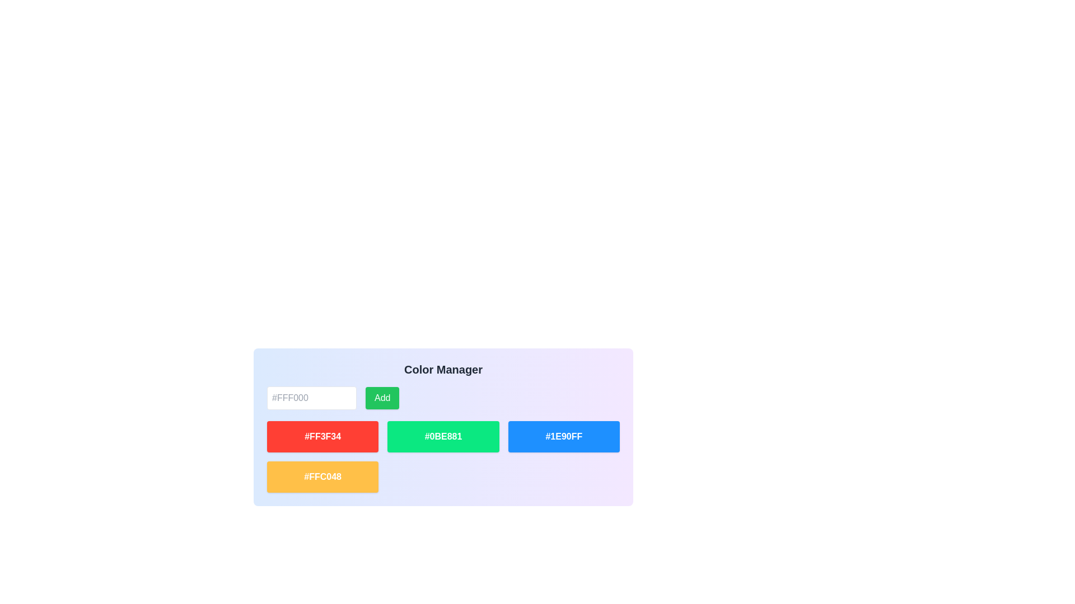 The image size is (1075, 604). What do you see at coordinates (443, 457) in the screenshot?
I see `one of the color boxes in the grid layout of the 'Color Manager'` at bounding box center [443, 457].